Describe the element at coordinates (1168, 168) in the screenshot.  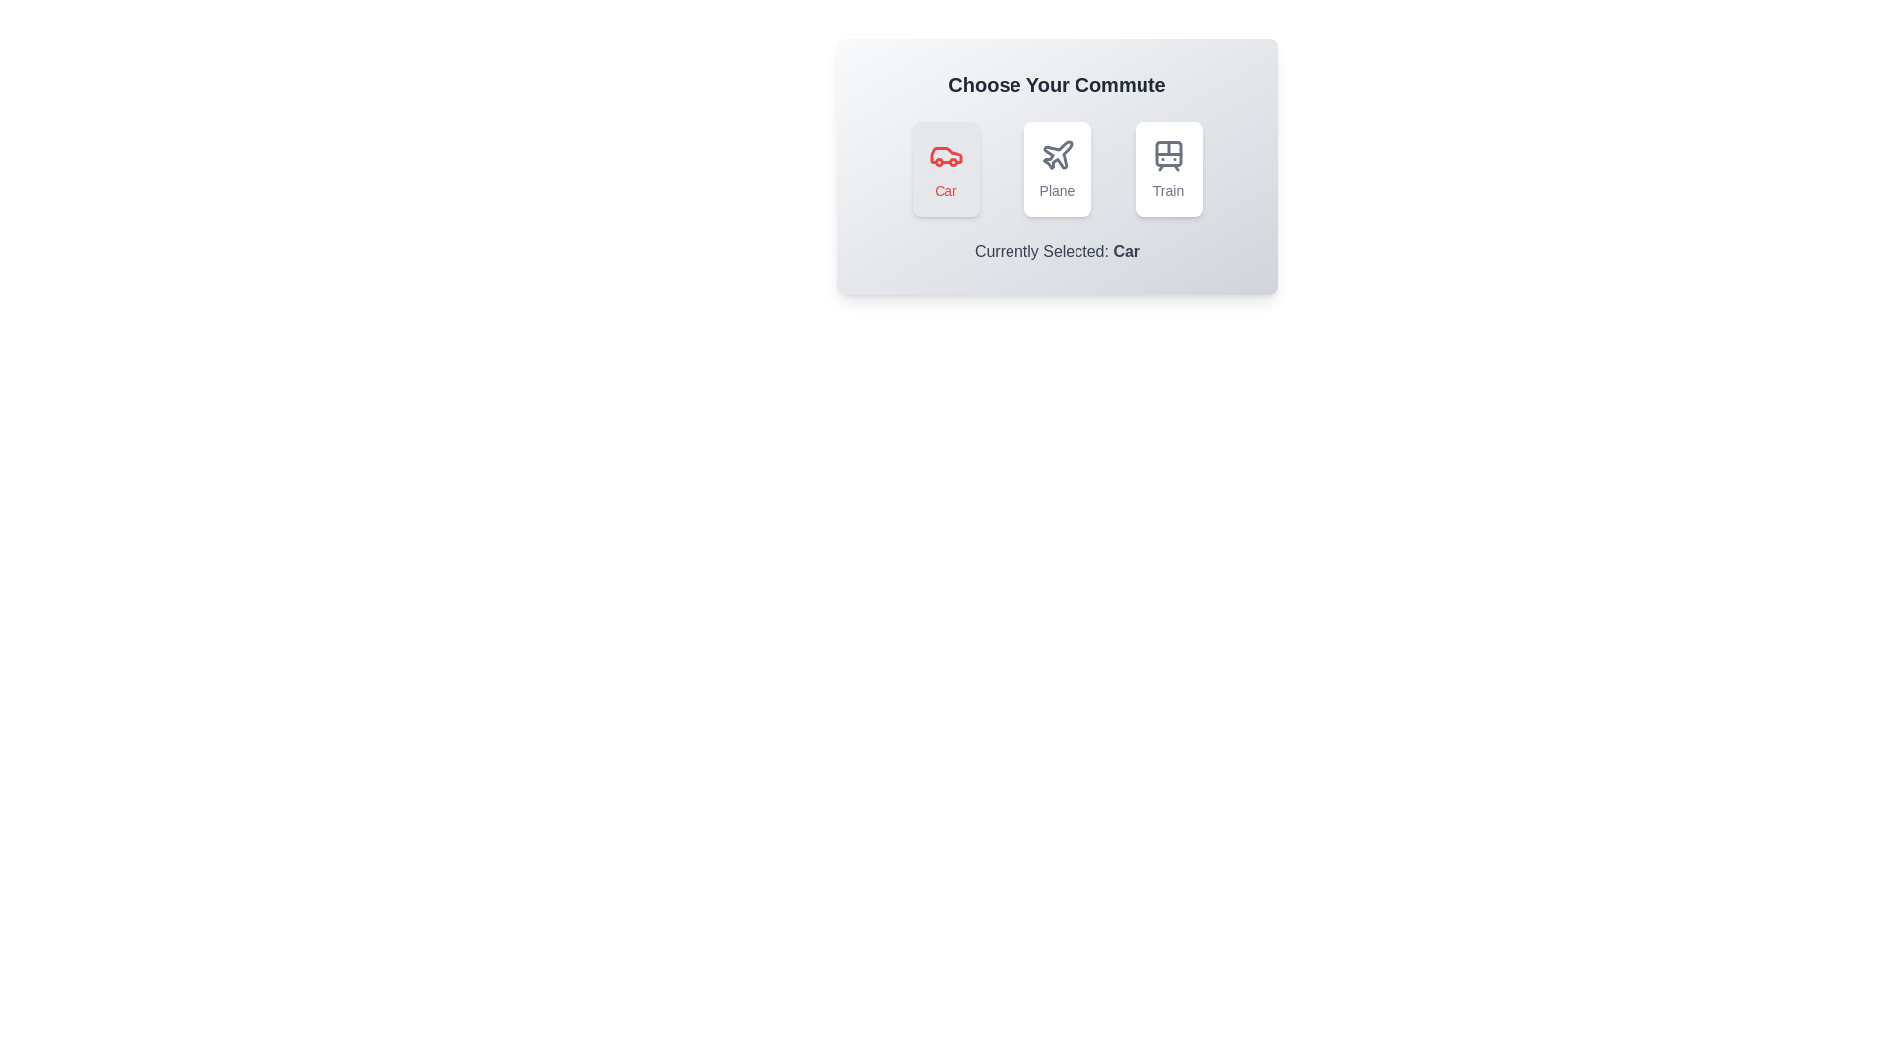
I see `the icon representing Train to observe its hover effect` at that location.